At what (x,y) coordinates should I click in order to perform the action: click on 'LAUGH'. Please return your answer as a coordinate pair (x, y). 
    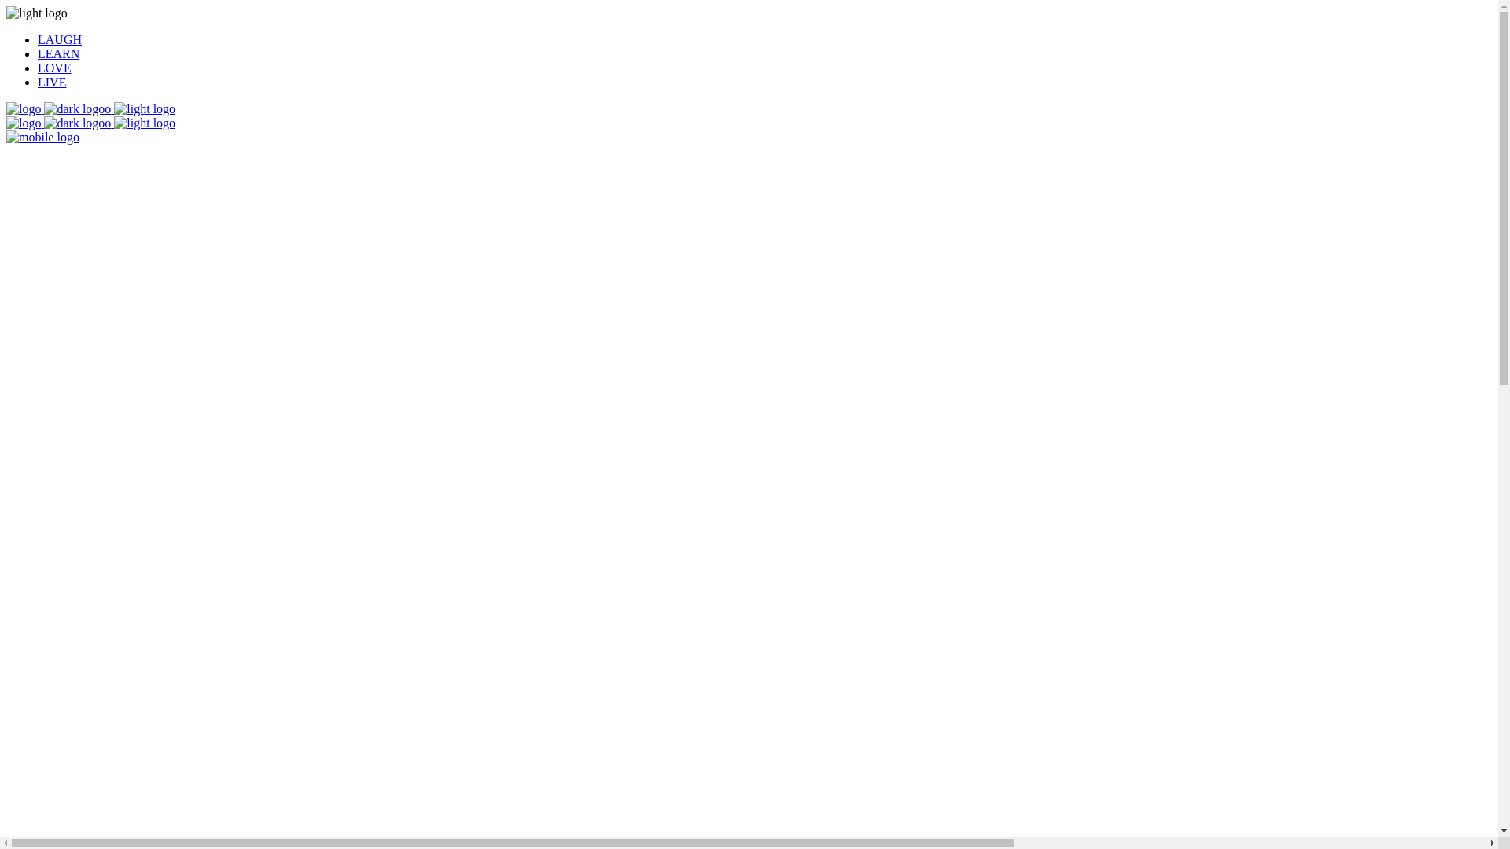
    Looking at the image, I should click on (60, 39).